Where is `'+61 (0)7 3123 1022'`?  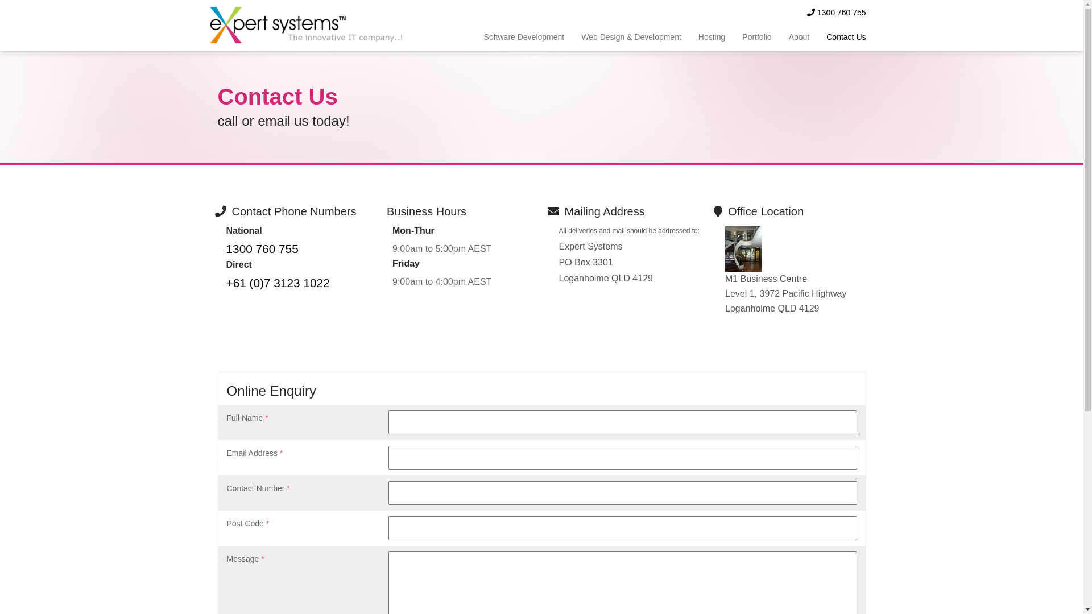 '+61 (0)7 3123 1022' is located at coordinates (278, 282).